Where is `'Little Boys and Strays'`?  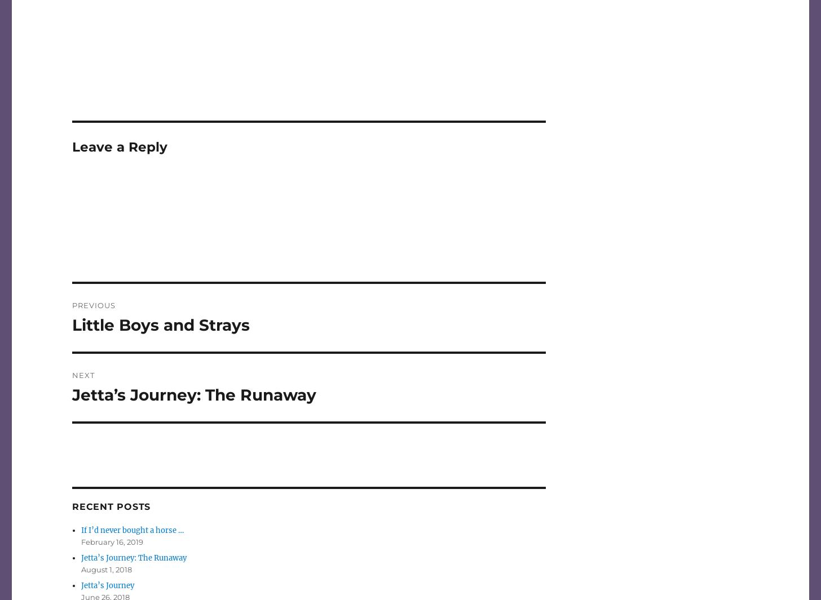 'Little Boys and Strays' is located at coordinates (161, 325).